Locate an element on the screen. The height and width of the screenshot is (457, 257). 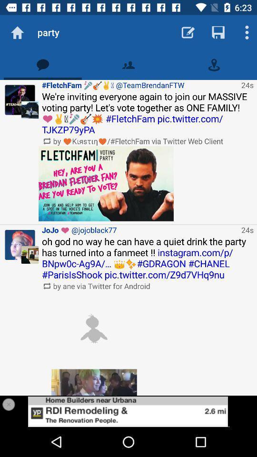
enlarge picture is located at coordinates (94, 382).